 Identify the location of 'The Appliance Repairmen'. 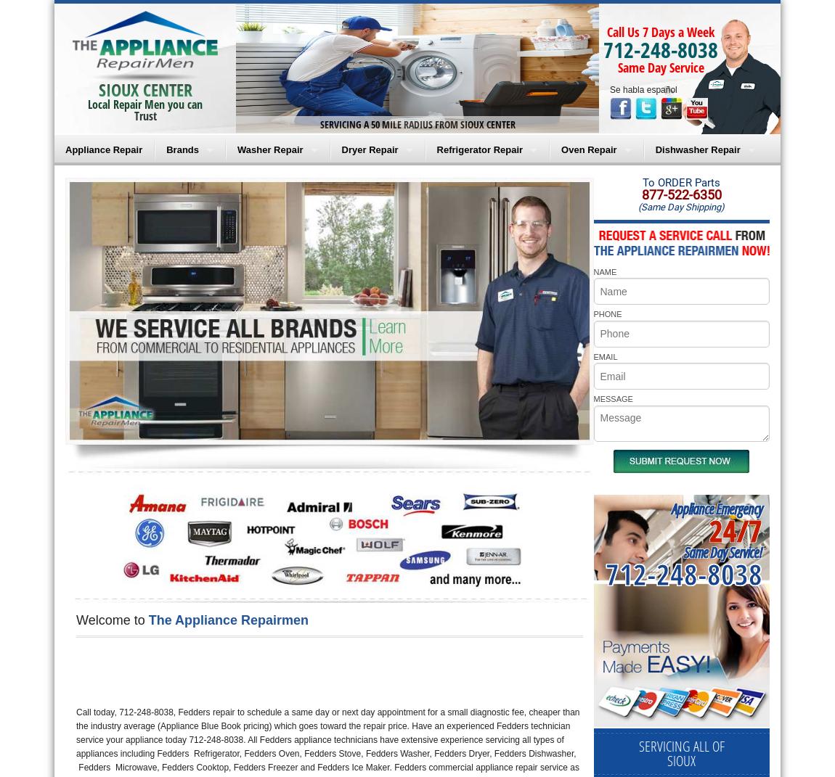
(228, 620).